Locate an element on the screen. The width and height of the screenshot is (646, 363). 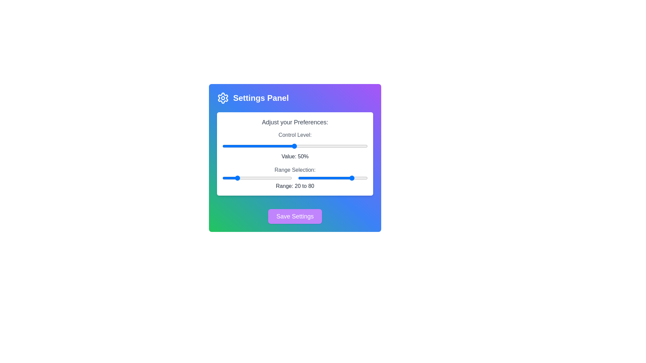
the control level is located at coordinates (239, 146).